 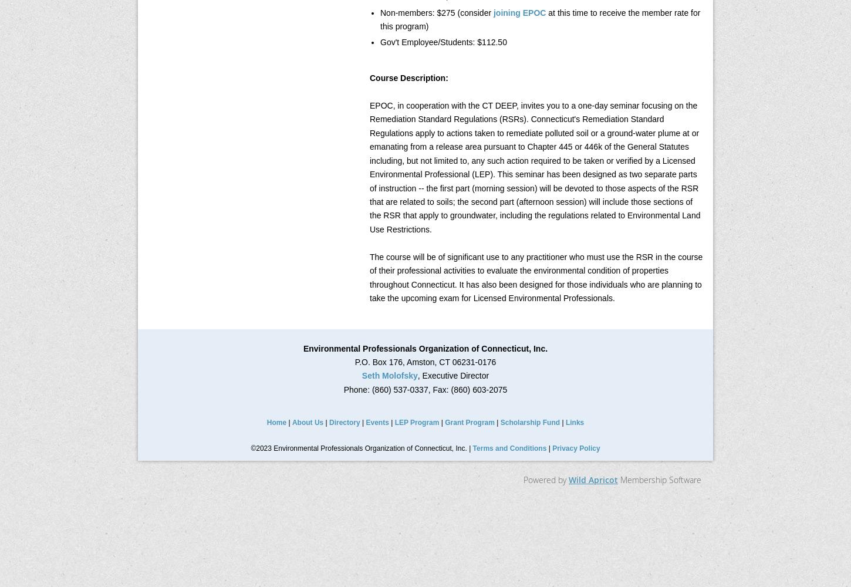 What do you see at coordinates (545, 479) in the screenshot?
I see `'Powered by'` at bounding box center [545, 479].